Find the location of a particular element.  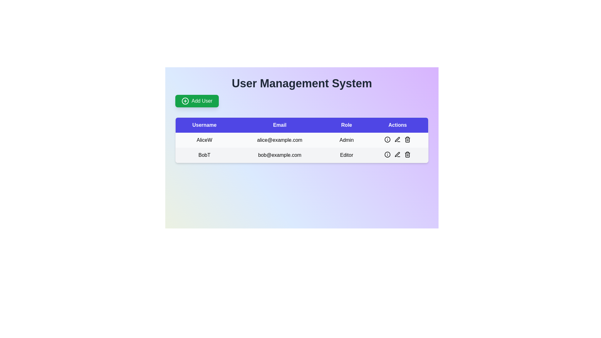

the trash can icon button in the Actions column of the user management table is located at coordinates (408, 154).